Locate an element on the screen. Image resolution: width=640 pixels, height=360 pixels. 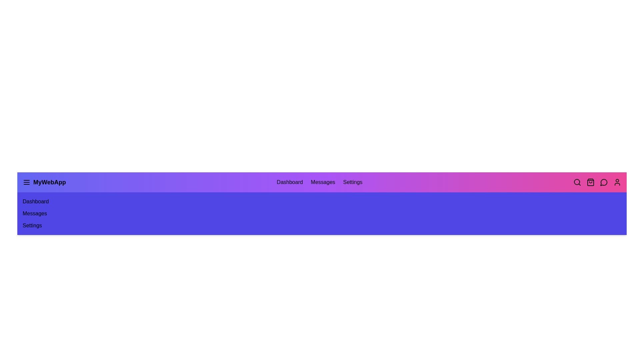
the menu item Messages to observe the hover effect is located at coordinates (323, 182).